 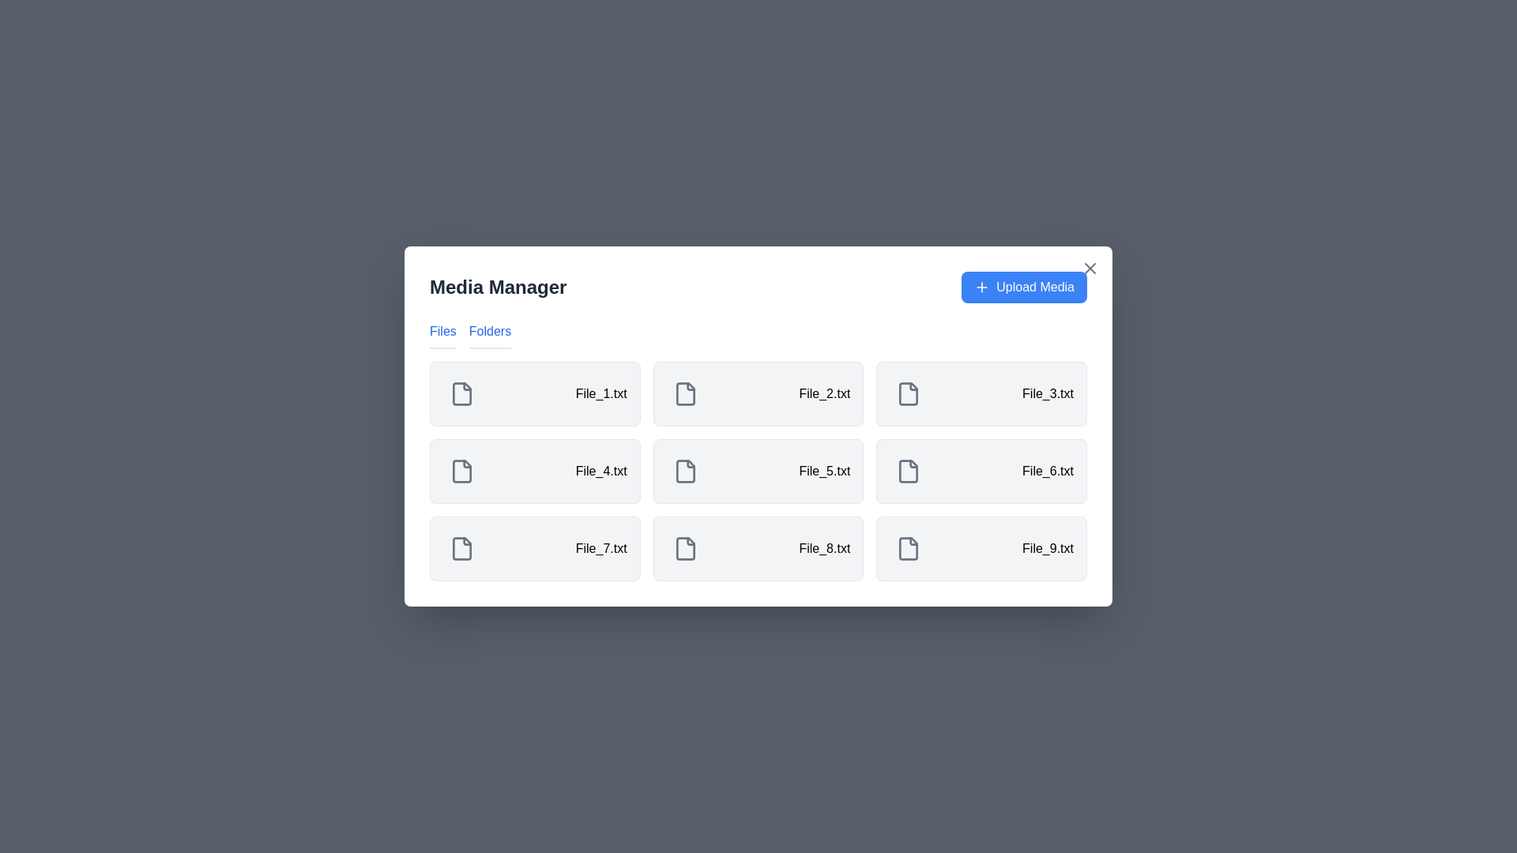 I want to click on the text label displaying 'File_4.txt' in a file manager interface, located in the center row of a 3x3 grid layout, leftmost cell of the second row, so click(x=600, y=471).